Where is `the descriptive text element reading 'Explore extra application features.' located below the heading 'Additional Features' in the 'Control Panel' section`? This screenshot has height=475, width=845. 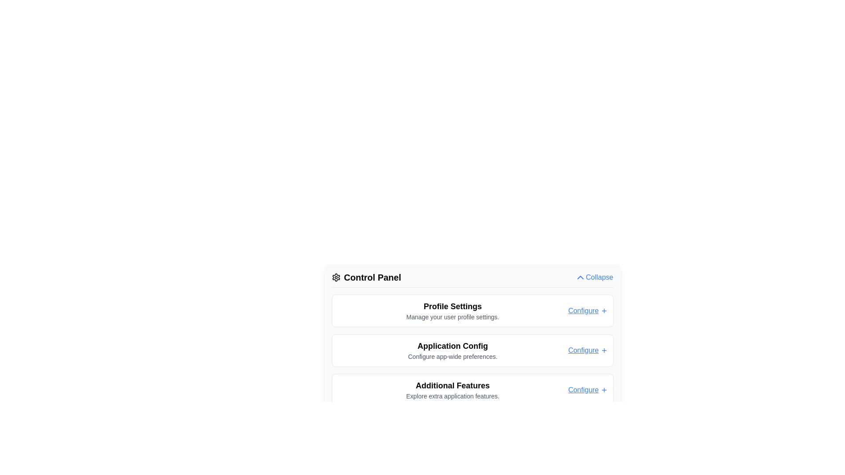
the descriptive text element reading 'Explore extra application features.' located below the heading 'Additional Features' in the 'Control Panel' section is located at coordinates (452, 396).